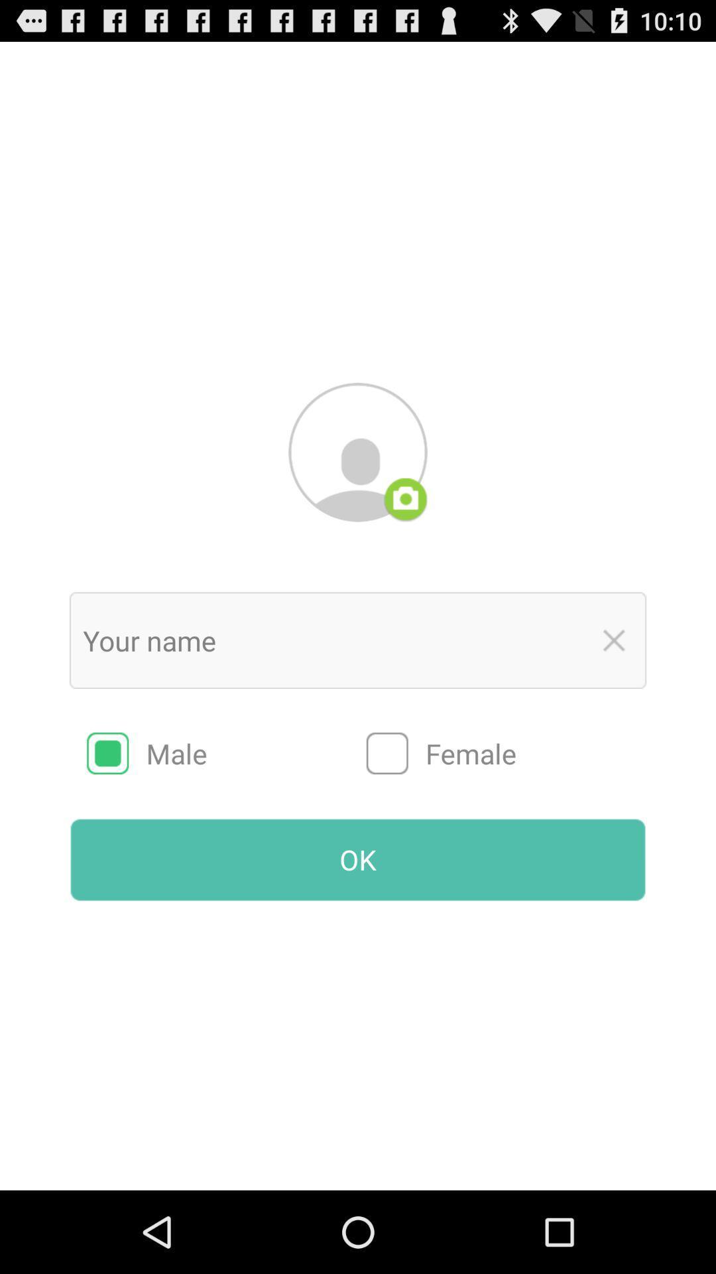  Describe the element at coordinates (506, 753) in the screenshot. I see `the item to the right of male icon` at that location.